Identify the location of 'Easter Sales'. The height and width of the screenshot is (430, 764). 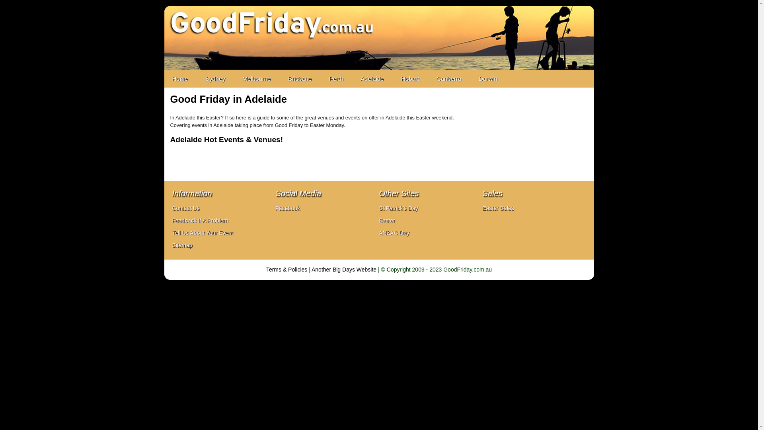
(497, 208).